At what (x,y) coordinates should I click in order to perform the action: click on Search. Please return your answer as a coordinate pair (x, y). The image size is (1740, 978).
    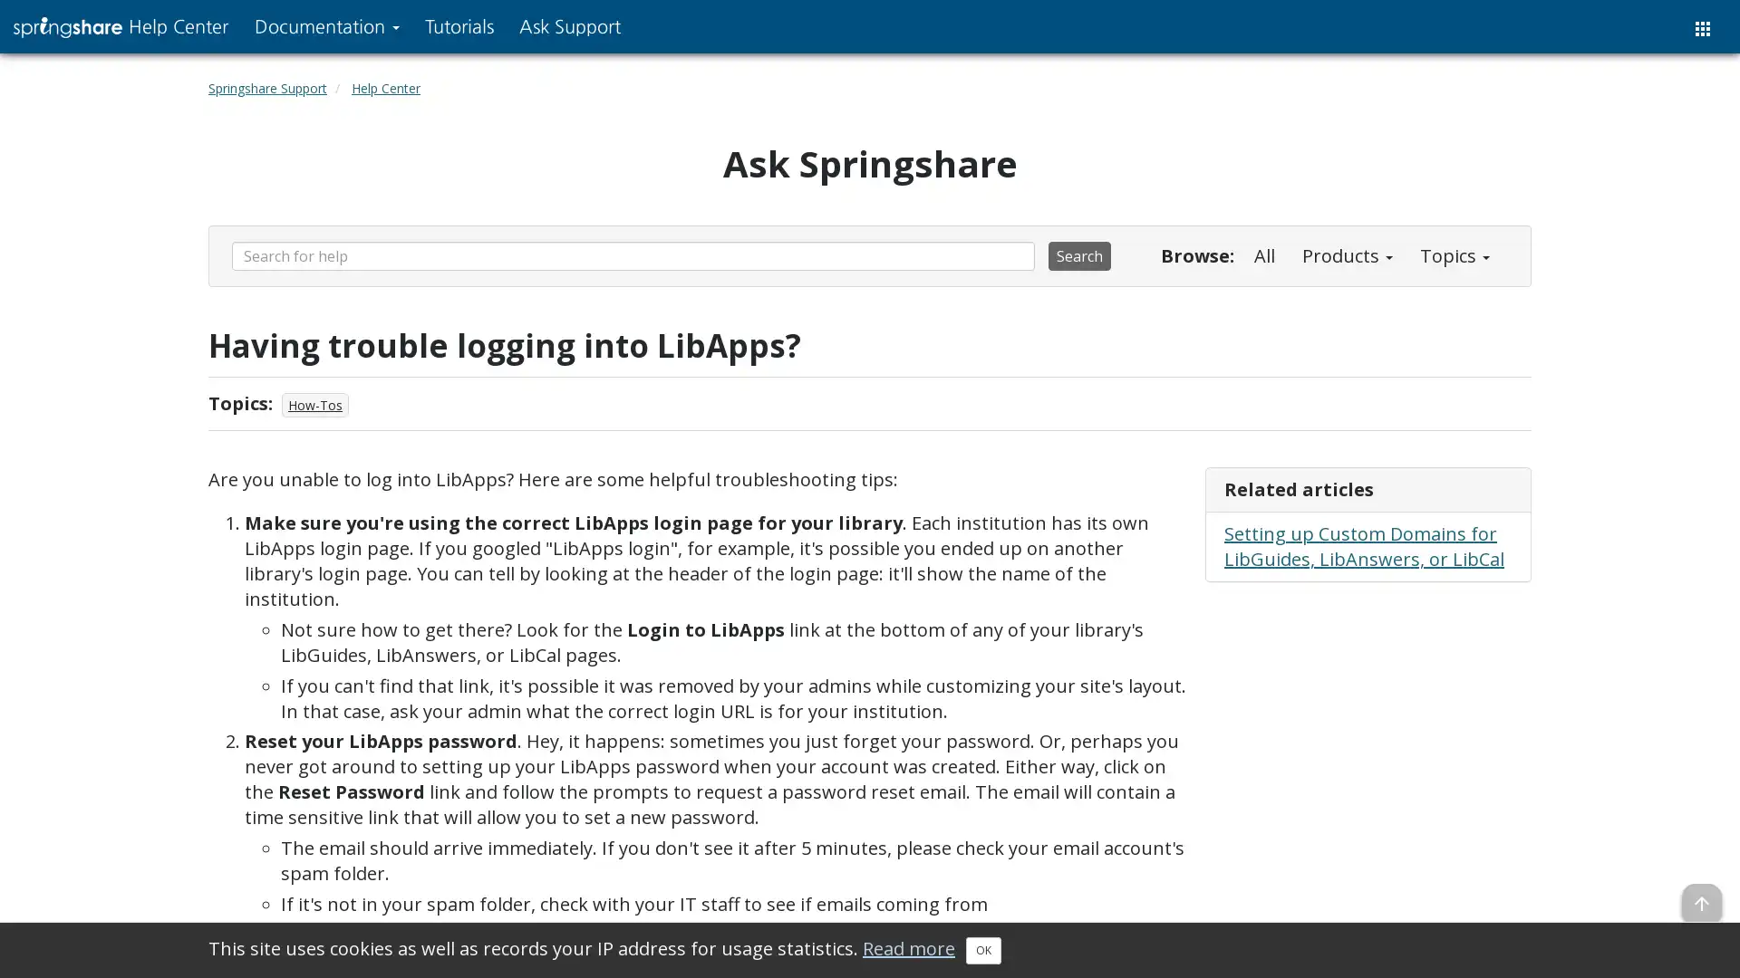
    Looking at the image, I should click on (1079, 255).